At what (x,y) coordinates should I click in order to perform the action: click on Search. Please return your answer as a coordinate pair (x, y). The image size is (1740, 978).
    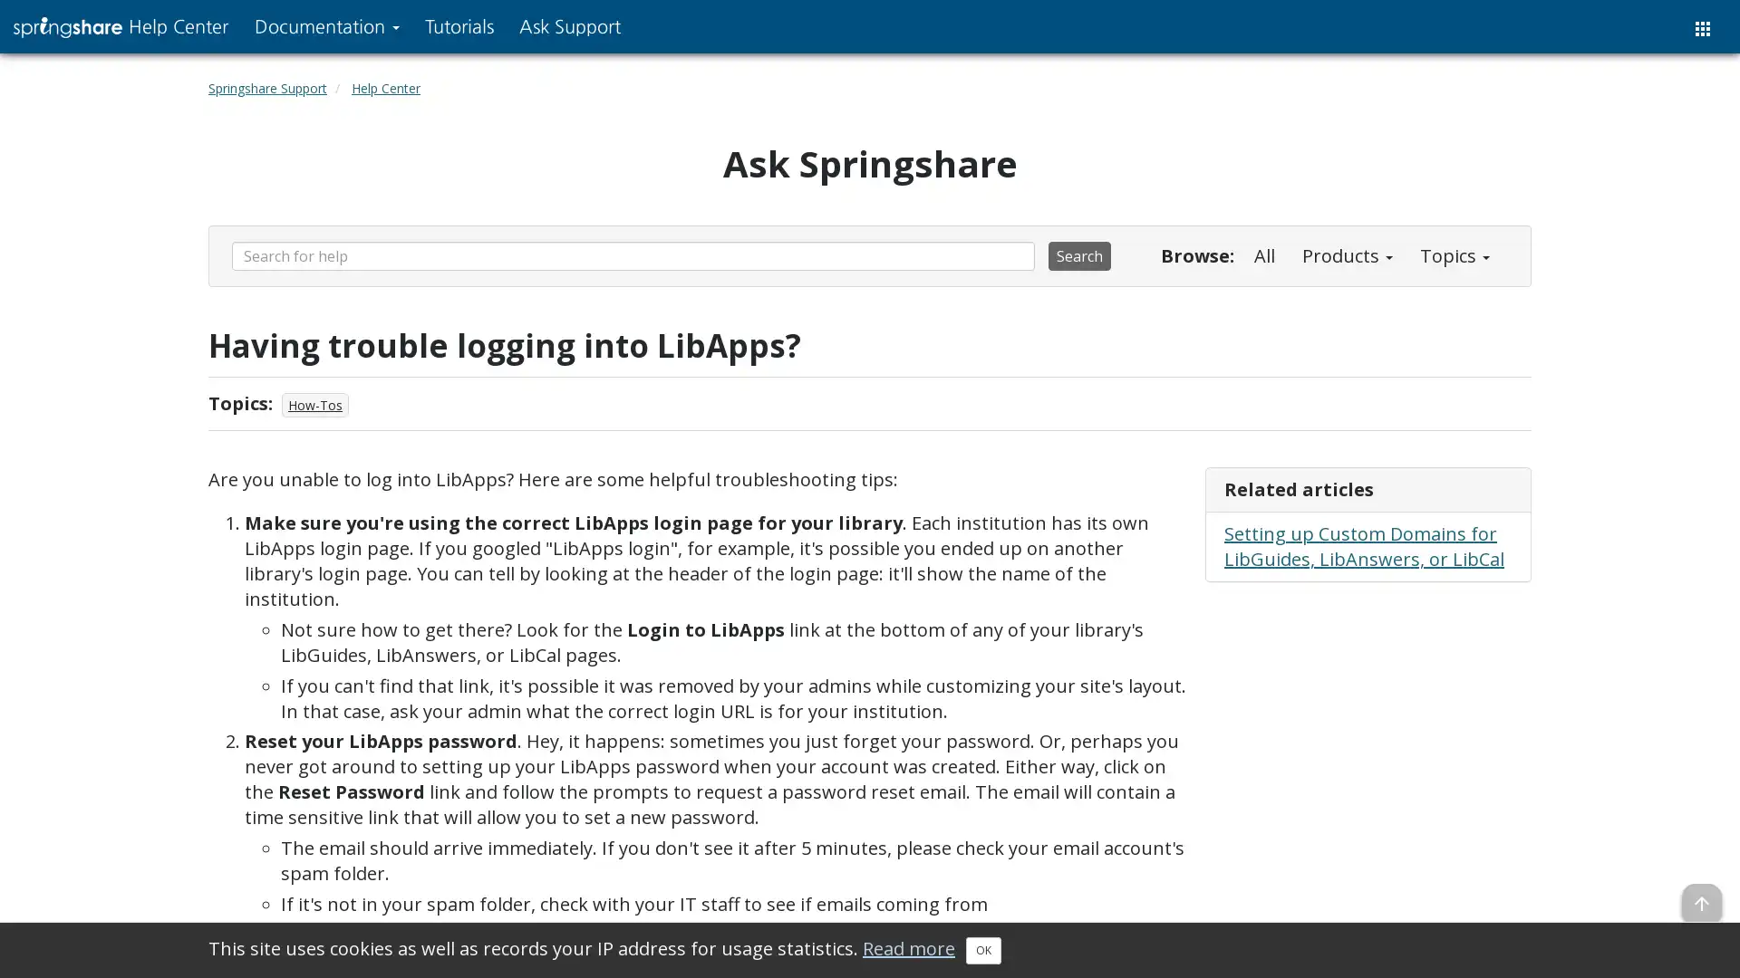
    Looking at the image, I should click on (1079, 255).